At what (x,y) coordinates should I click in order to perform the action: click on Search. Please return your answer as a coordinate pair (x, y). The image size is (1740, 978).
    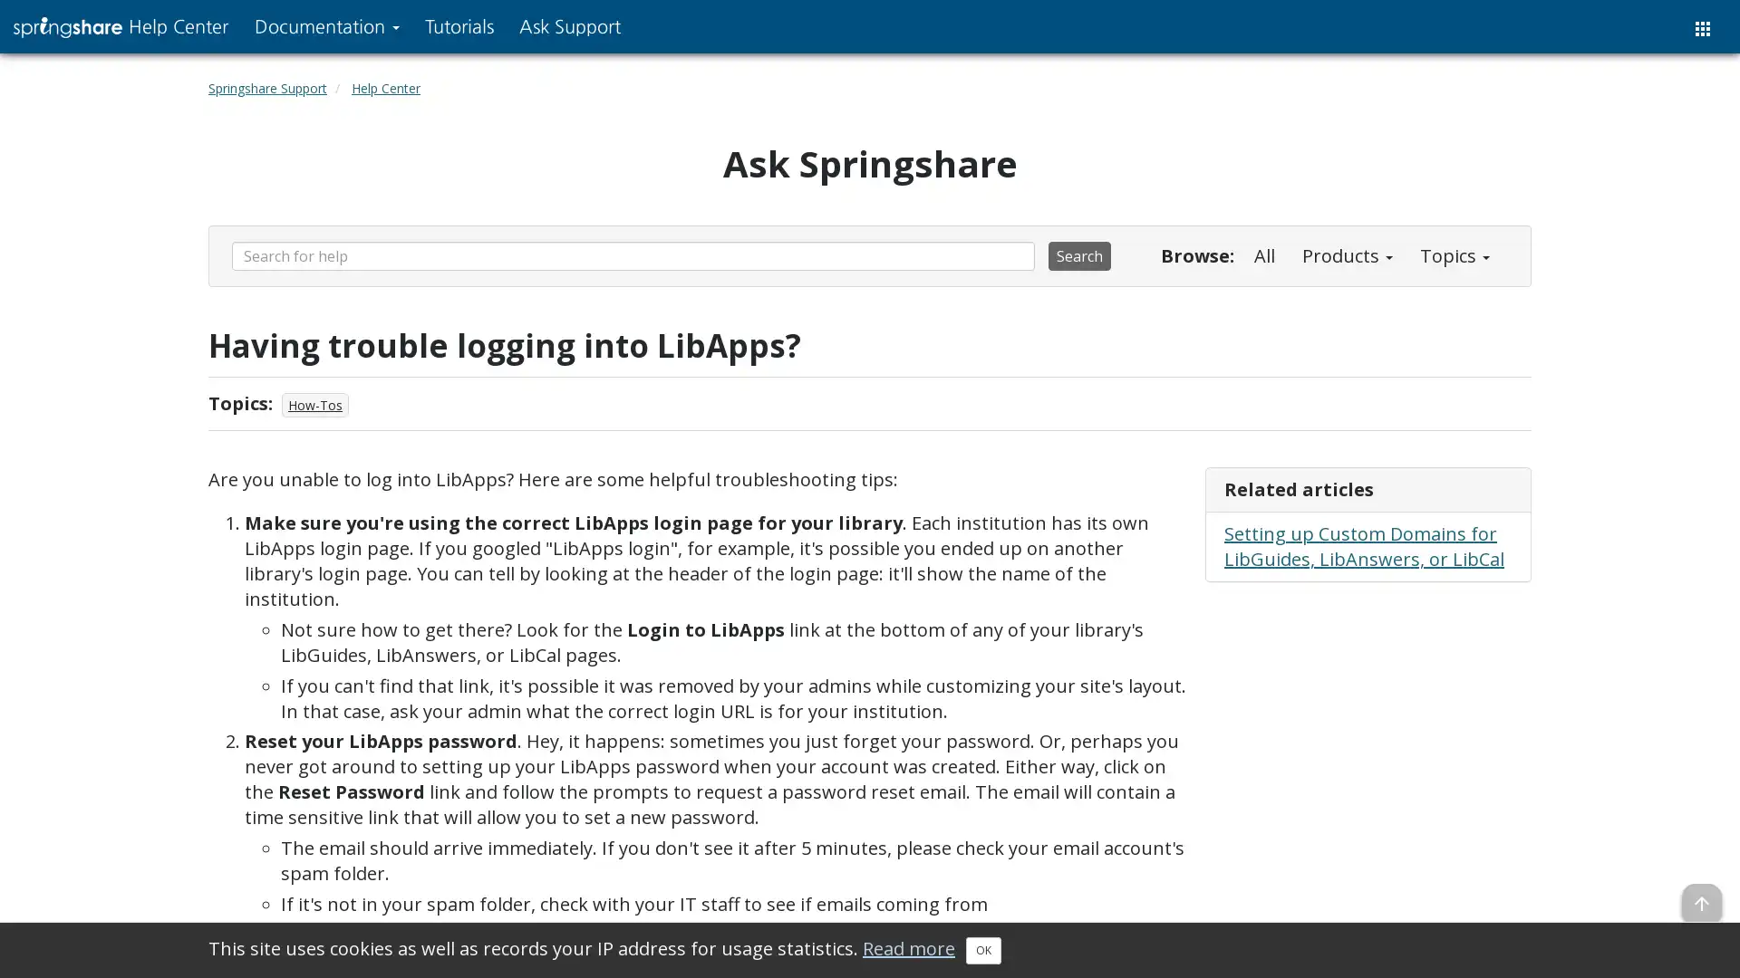
    Looking at the image, I should click on (1079, 255).